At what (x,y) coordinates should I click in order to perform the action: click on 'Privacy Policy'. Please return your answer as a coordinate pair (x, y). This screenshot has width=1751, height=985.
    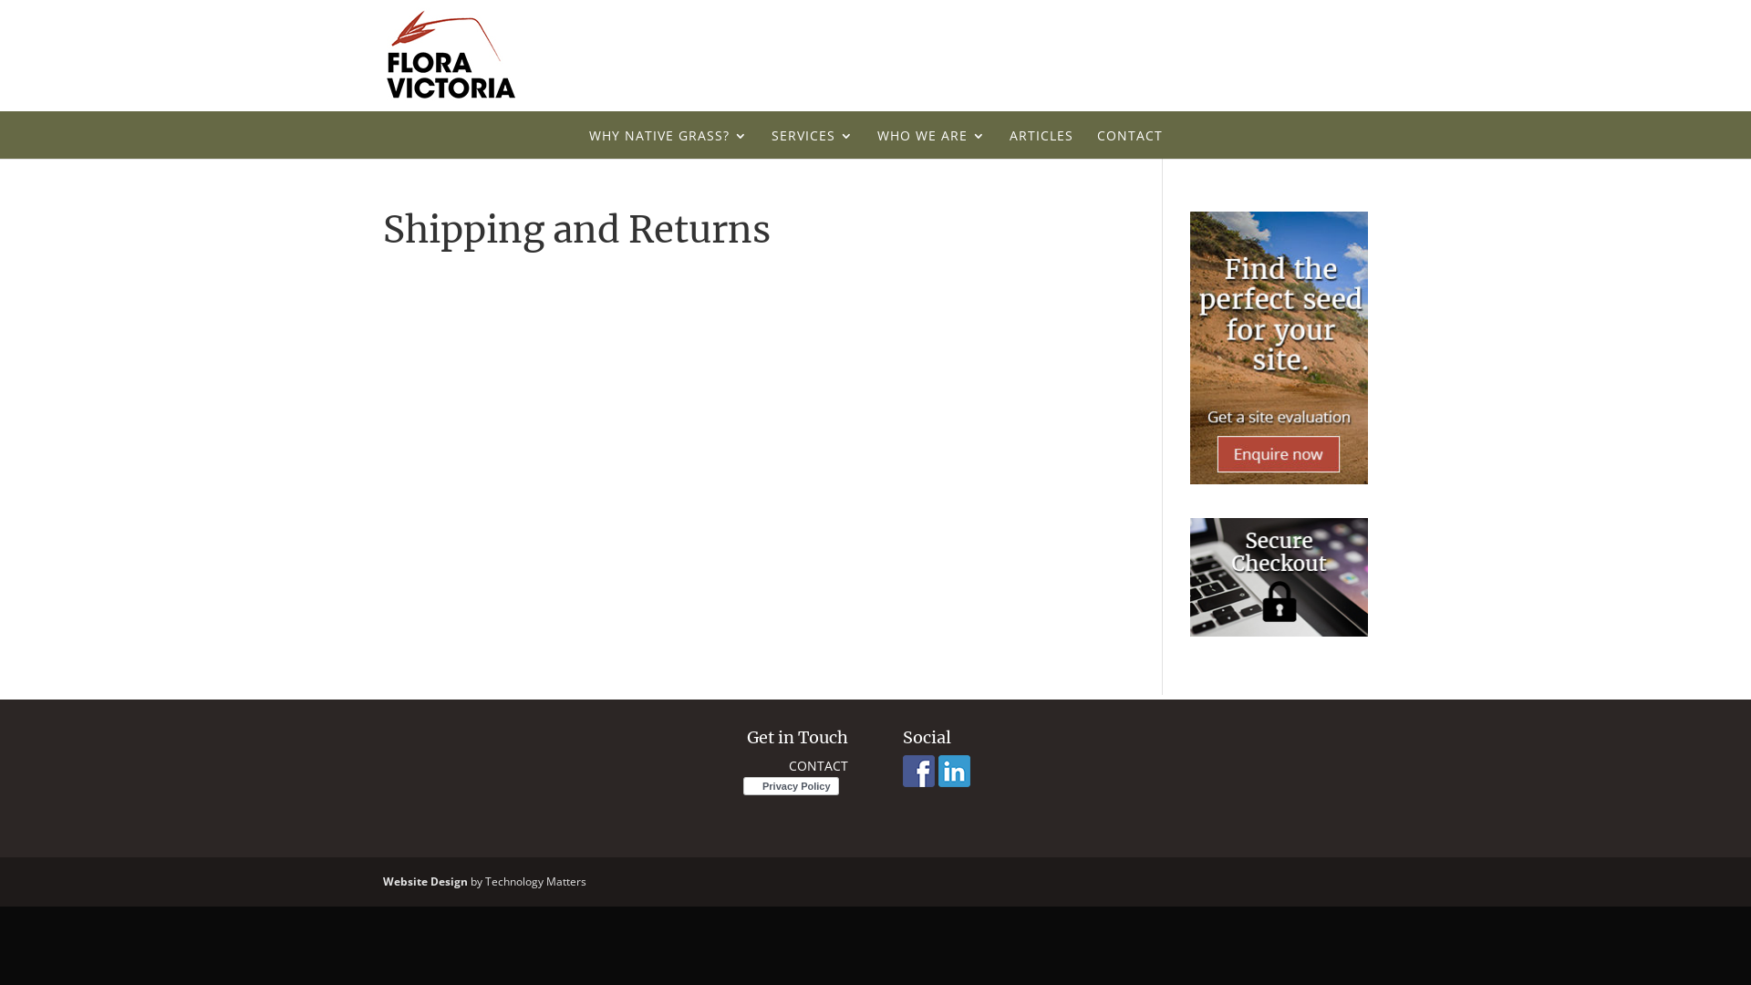
    Looking at the image, I should click on (743, 786).